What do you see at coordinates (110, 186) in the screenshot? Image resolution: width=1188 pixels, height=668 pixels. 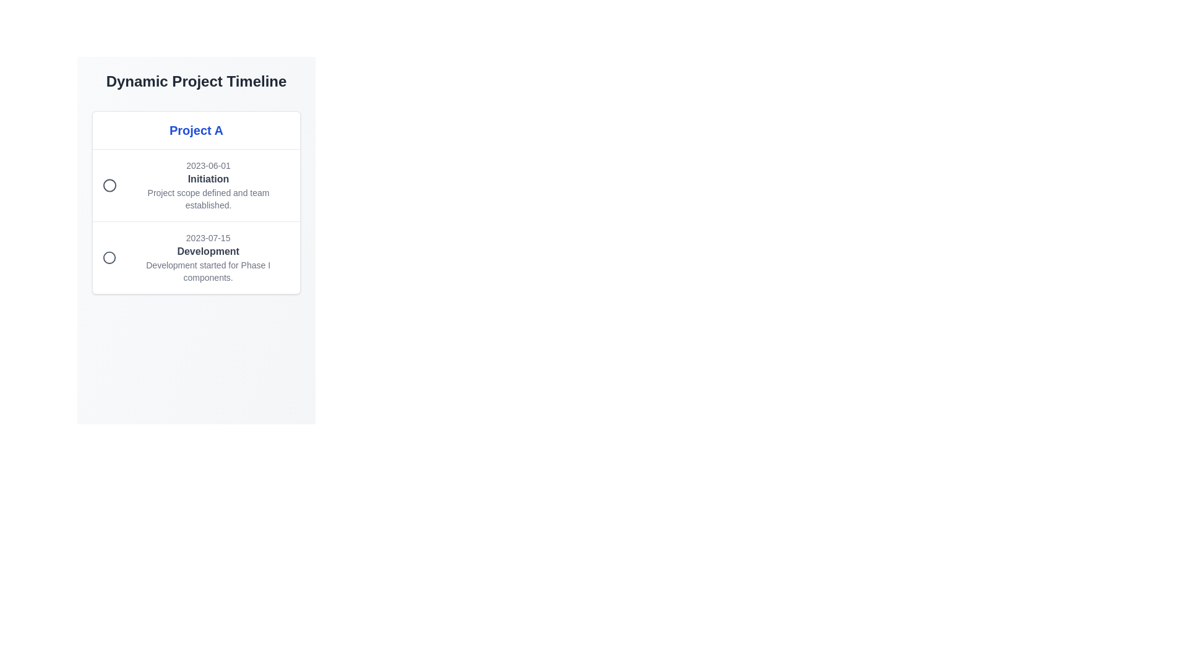 I see `the SVG Circle Graphic that serves as a visual marker for the timeline event 'Initiation', located in the left-side margin of the project timeline card` at bounding box center [110, 186].